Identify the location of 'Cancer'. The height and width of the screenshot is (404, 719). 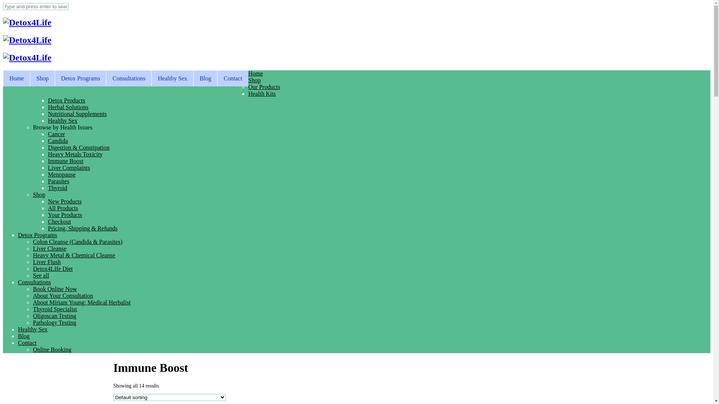
(56, 134).